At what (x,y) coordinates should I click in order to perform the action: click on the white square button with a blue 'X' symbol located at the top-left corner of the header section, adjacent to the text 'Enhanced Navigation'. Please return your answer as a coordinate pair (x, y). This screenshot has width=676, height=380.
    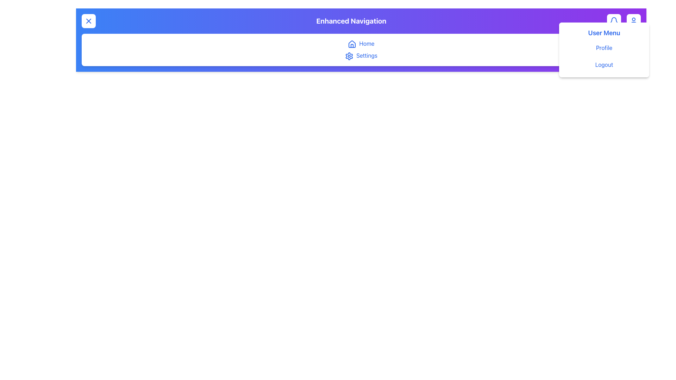
    Looking at the image, I should click on (88, 21).